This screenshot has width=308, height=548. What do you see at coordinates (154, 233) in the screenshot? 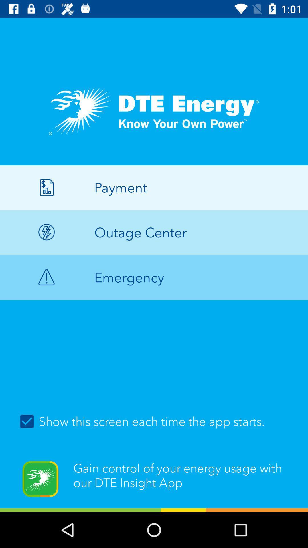
I see `the icon below the payment icon` at bounding box center [154, 233].